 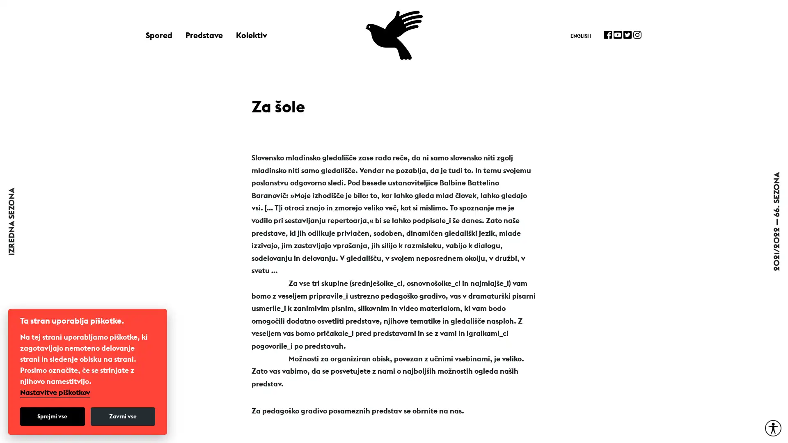 I want to click on Sprejmi vse, so click(x=51, y=416).